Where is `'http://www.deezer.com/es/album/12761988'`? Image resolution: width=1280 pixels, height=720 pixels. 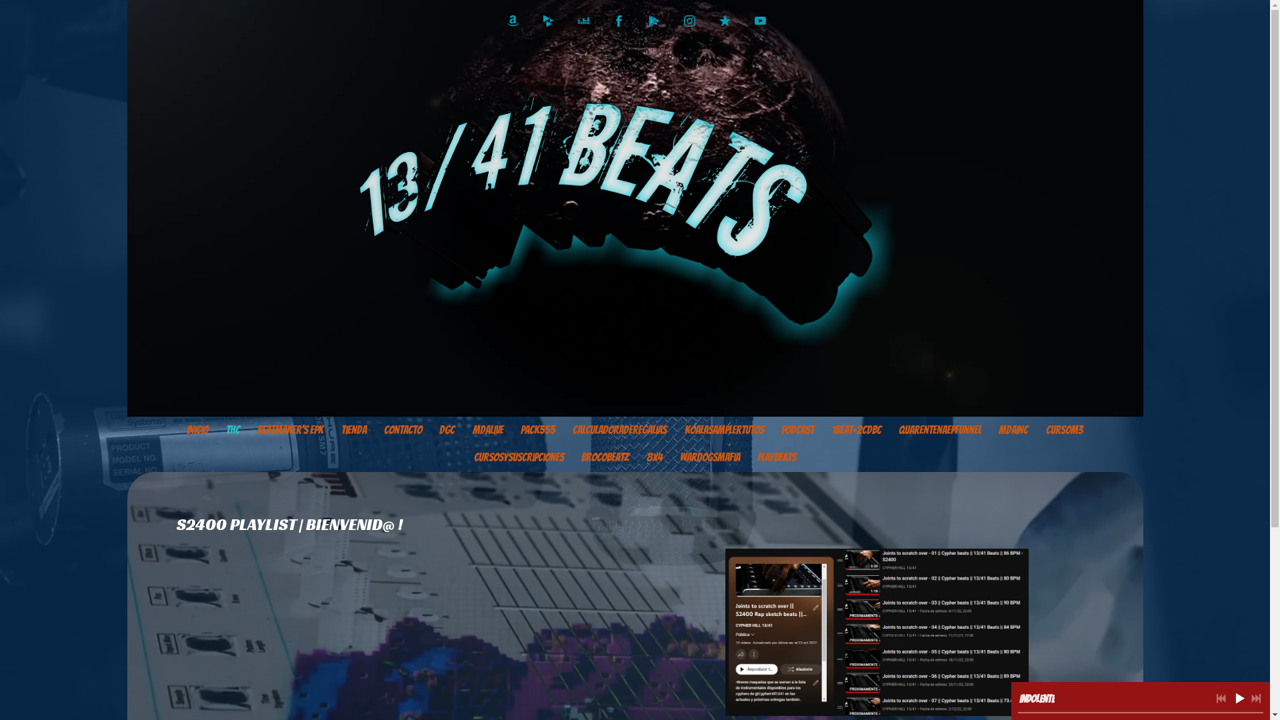 'http://www.deezer.com/es/album/12761988' is located at coordinates (577, 21).